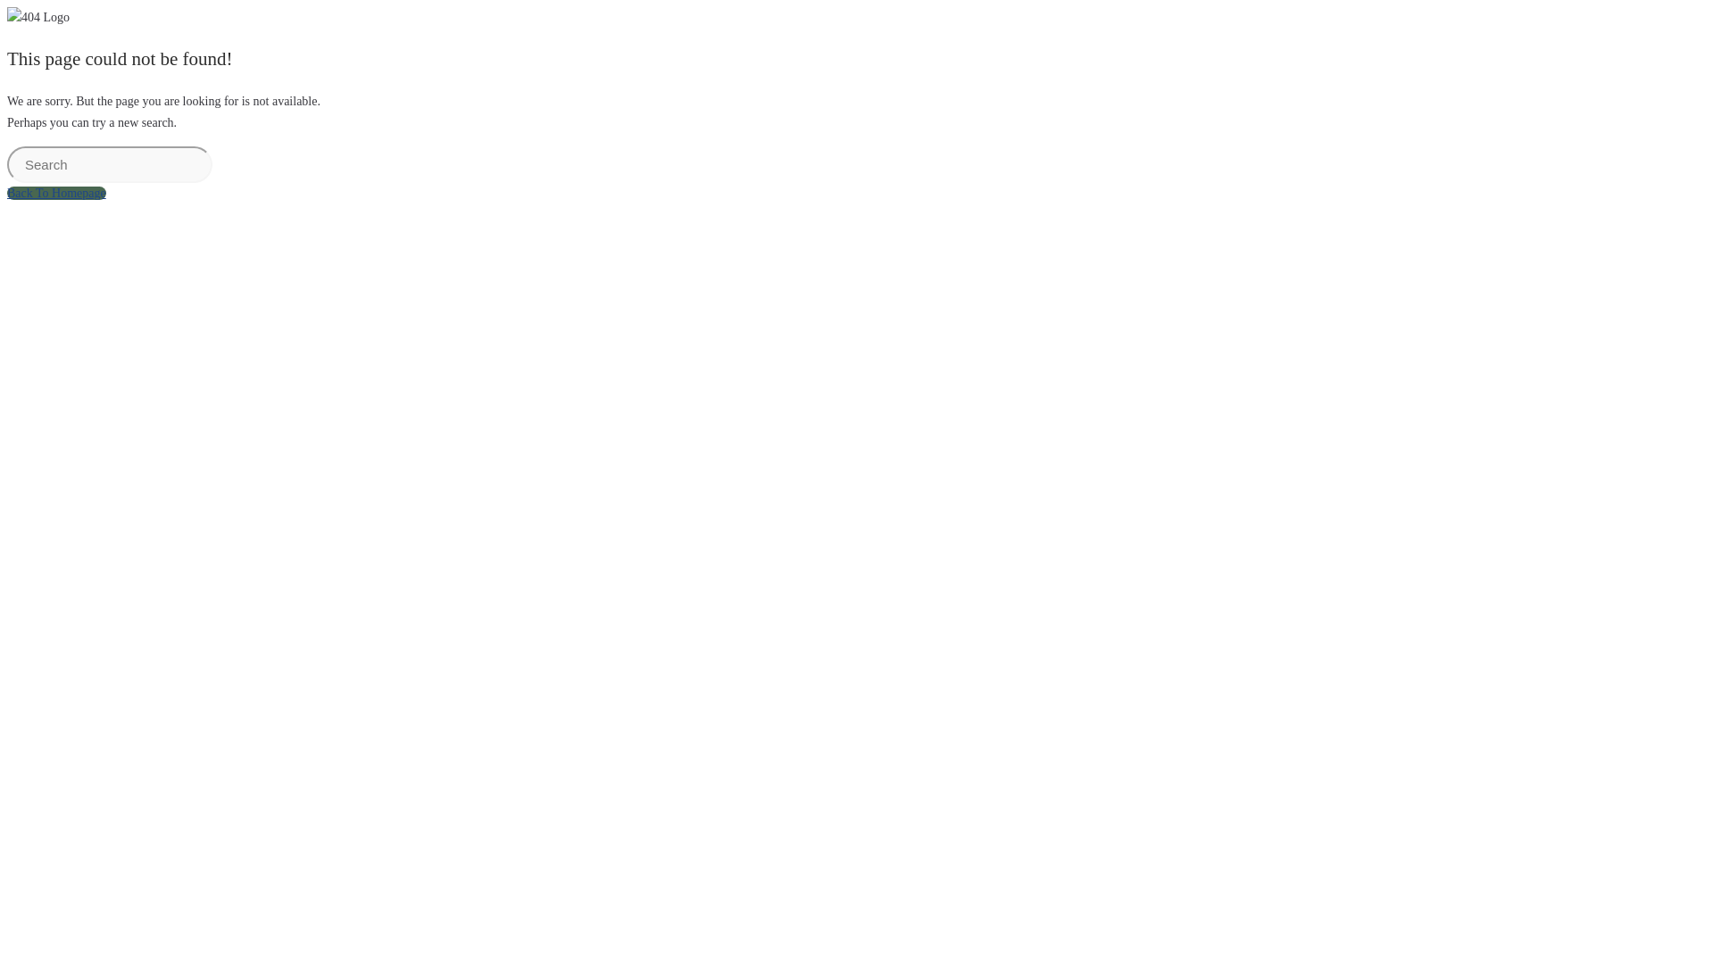  I want to click on 'Skip to content', so click(6, 6).